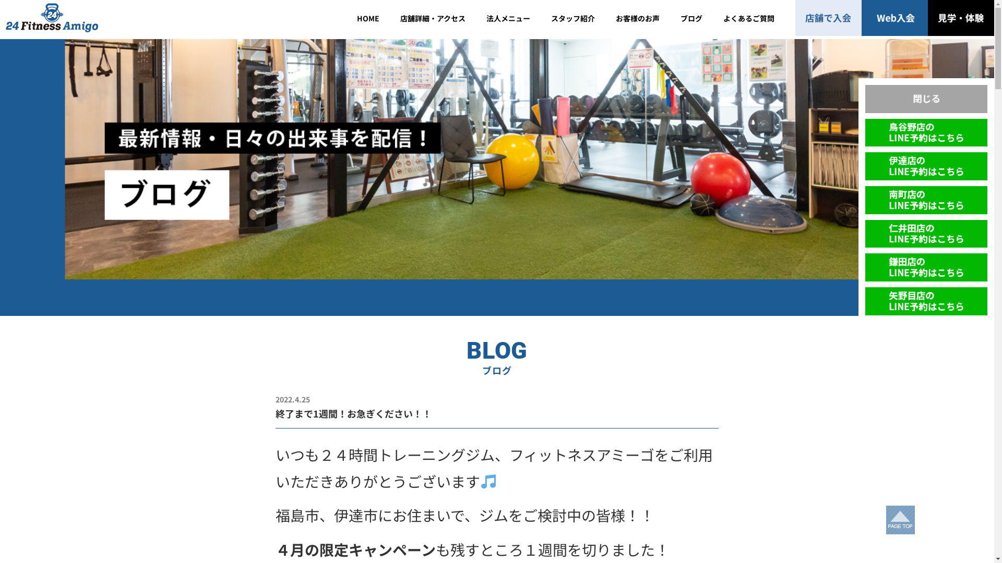  Describe the element at coordinates (346, 18) in the screenshot. I see `'HOME'` at that location.